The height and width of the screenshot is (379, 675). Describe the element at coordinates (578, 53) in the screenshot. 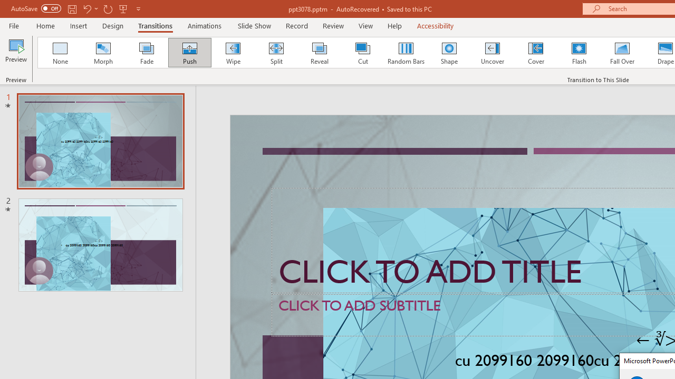

I see `'Flash'` at that location.